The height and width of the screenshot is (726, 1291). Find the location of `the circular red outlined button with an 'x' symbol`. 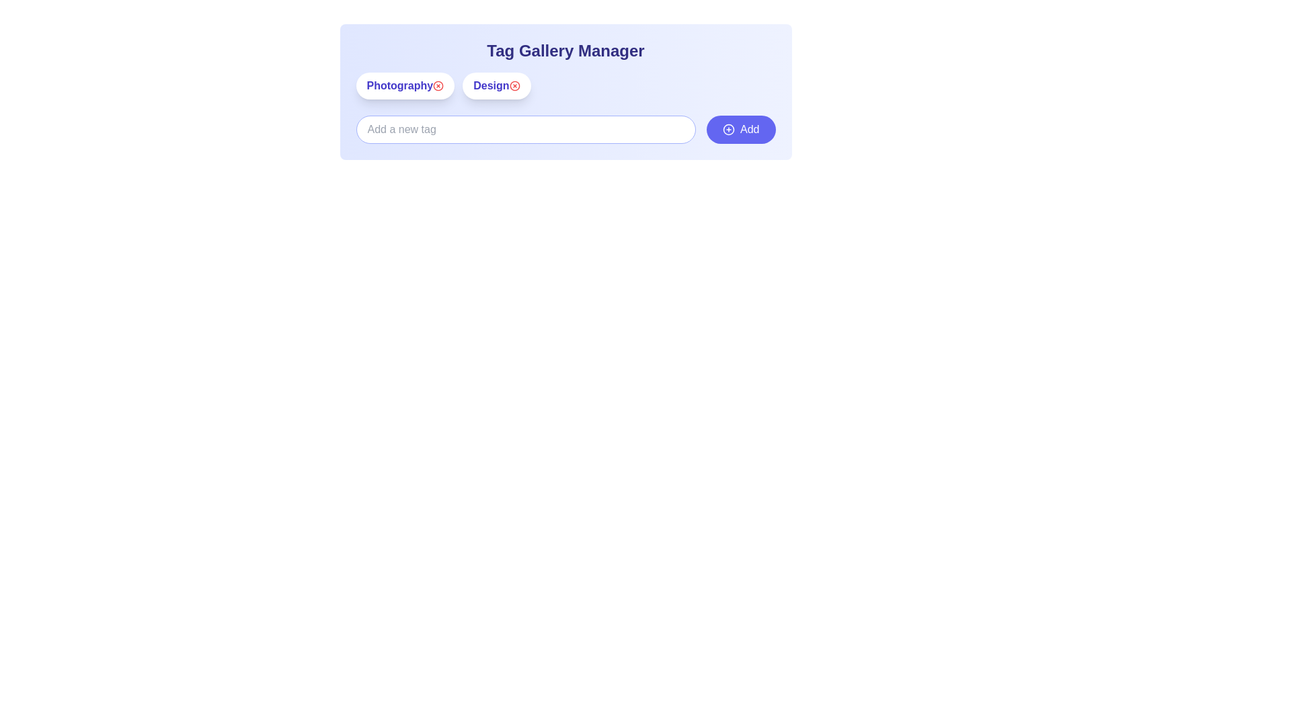

the circular red outlined button with an 'x' symbol is located at coordinates (438, 85).